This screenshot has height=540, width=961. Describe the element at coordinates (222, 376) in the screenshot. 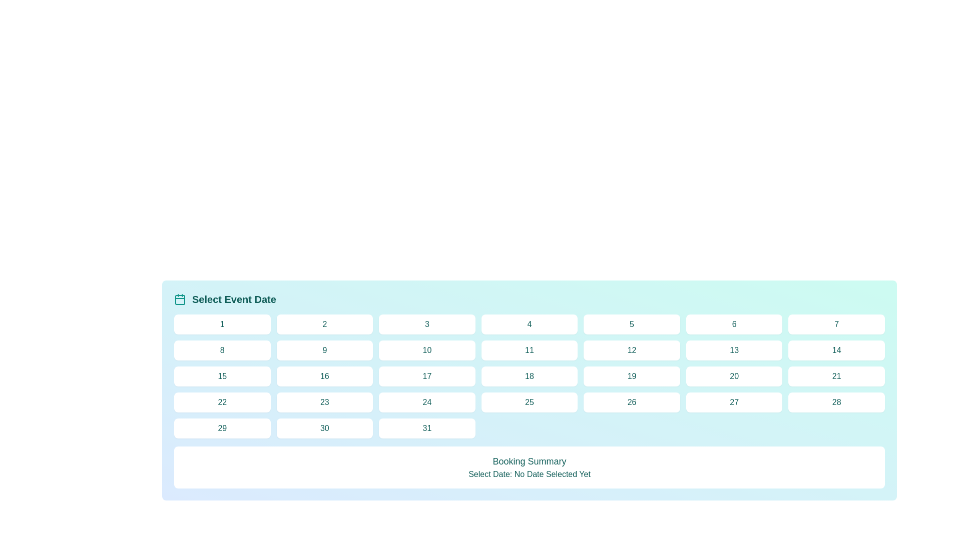

I see `the rectangular button with rounded corners, filled with a white background and shadow effect, containing the text '15' in teal color, located in the calendar grid layout, fourth row's first column` at that location.